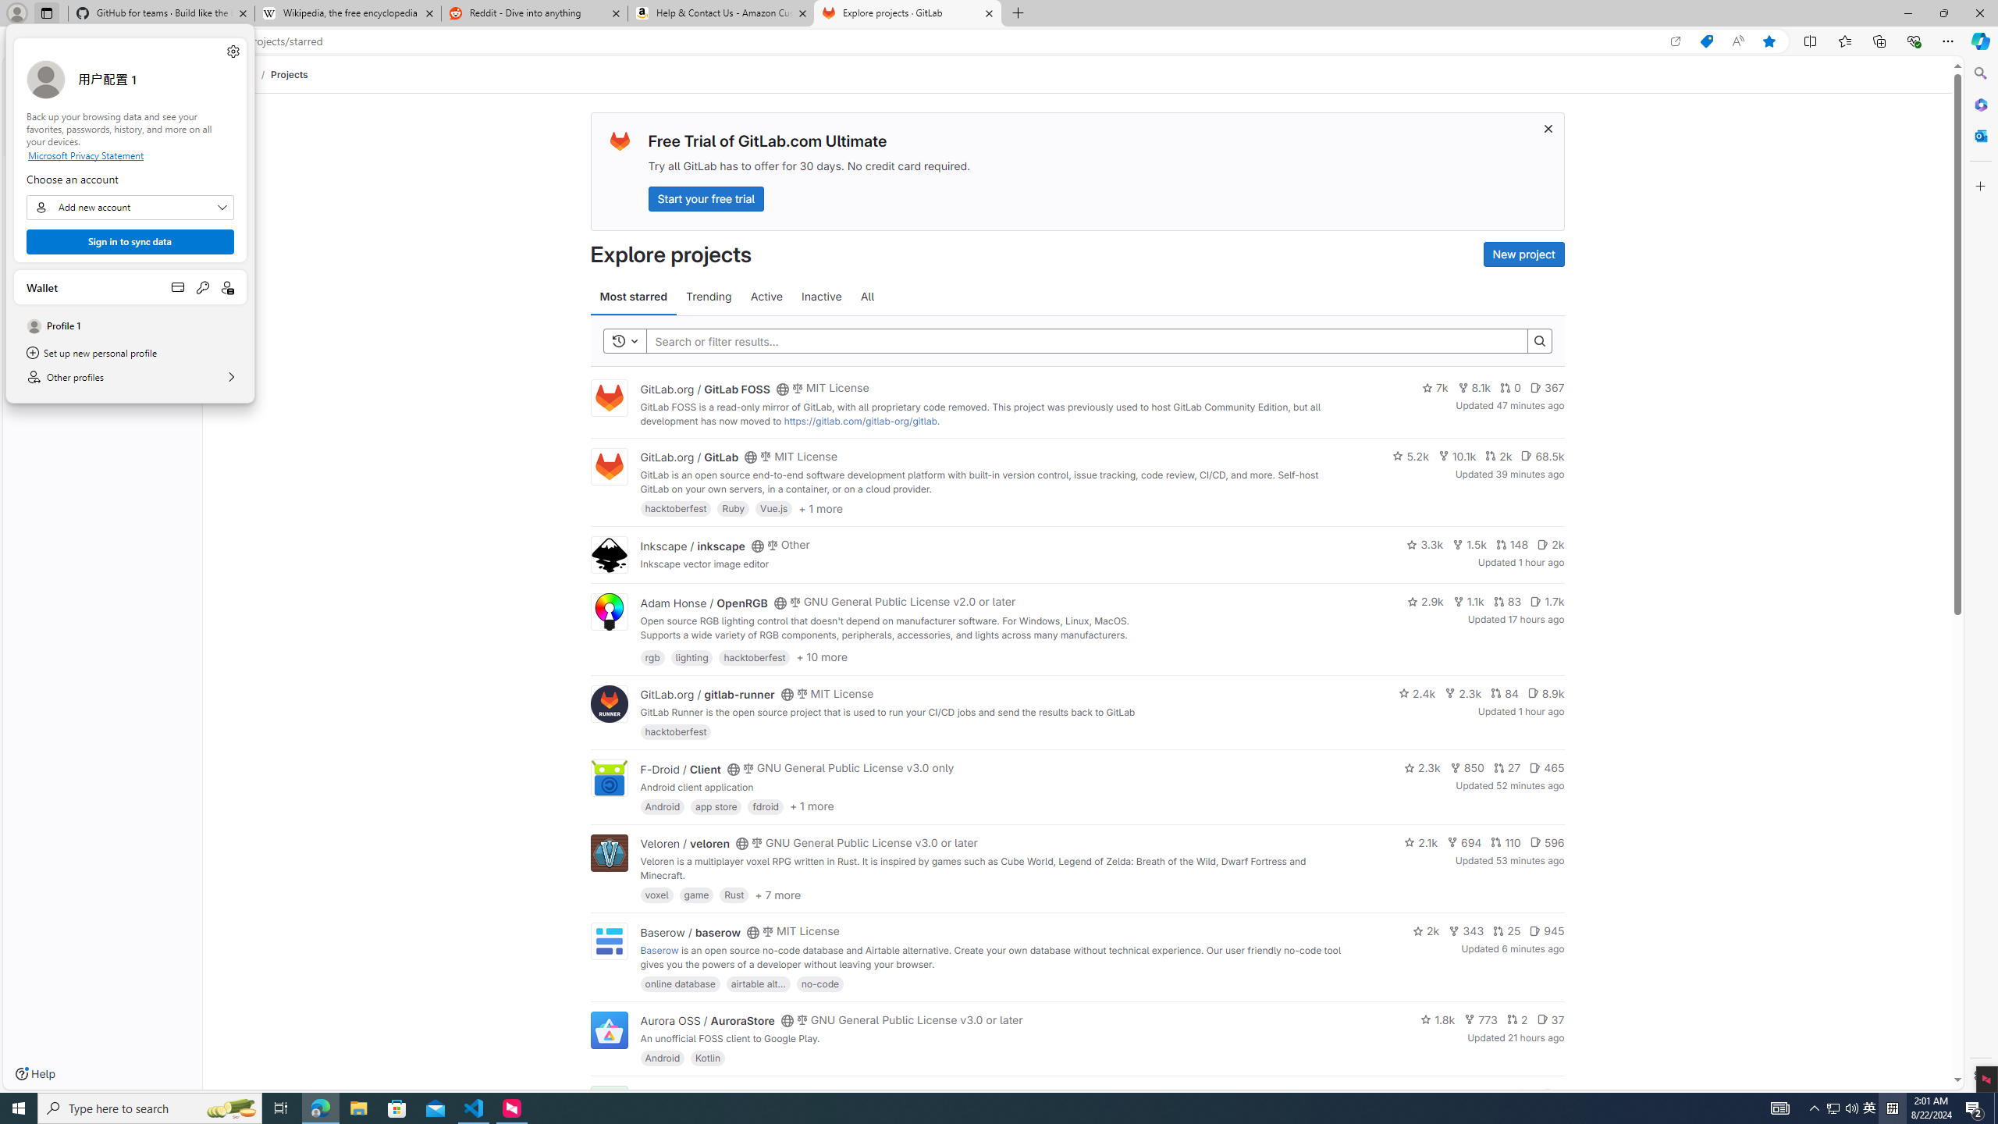 The image size is (1998, 1124). What do you see at coordinates (130, 352) in the screenshot?
I see `'Set up new personal profile'` at bounding box center [130, 352].